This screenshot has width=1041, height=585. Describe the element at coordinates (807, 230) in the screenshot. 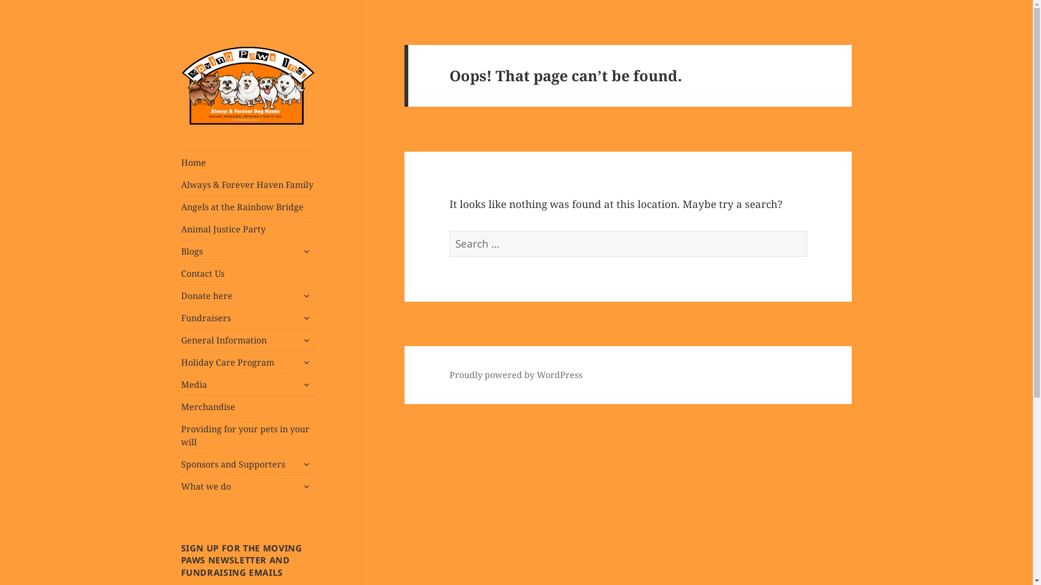

I see `'Search'` at that location.